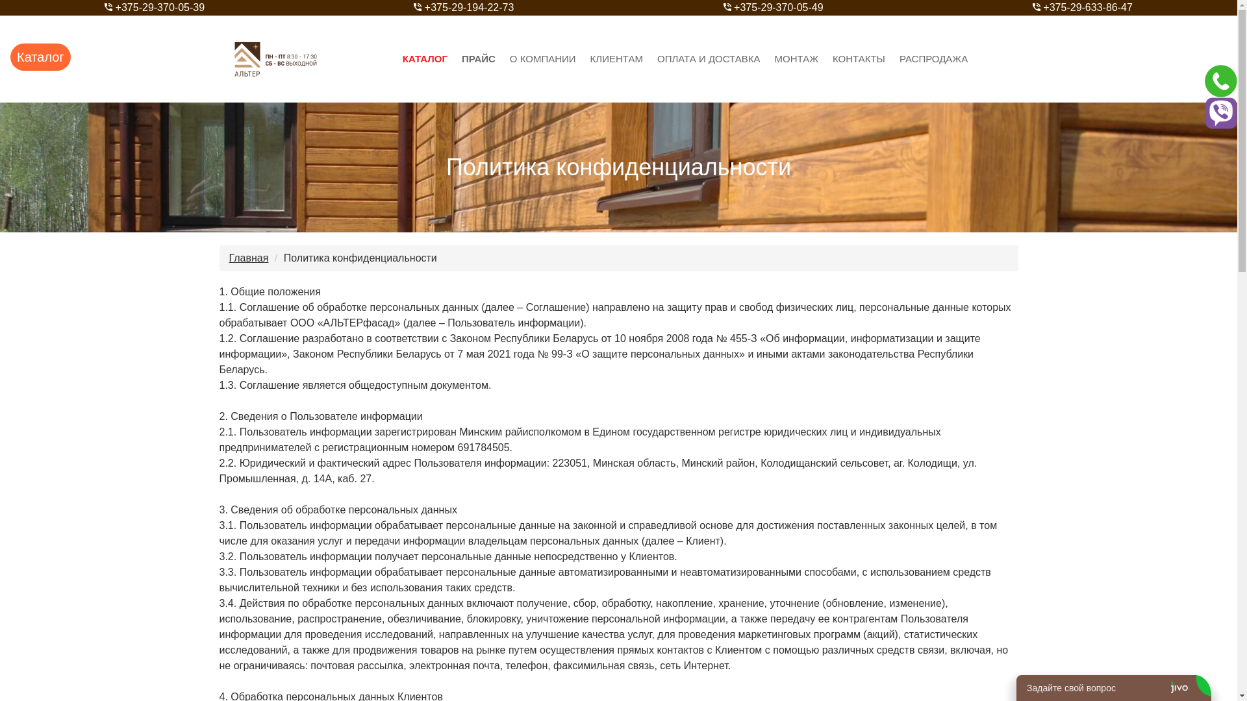  I want to click on '+375-29-194-22-73', so click(464, 7).